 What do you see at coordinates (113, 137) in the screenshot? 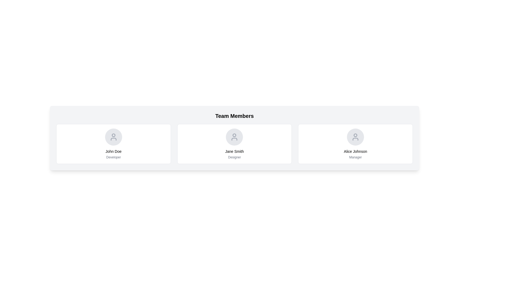
I see `the user profile icon for 'John Doe' located in the 'Team Members' section of the interface, which is centrally aligned within its panel` at bounding box center [113, 137].